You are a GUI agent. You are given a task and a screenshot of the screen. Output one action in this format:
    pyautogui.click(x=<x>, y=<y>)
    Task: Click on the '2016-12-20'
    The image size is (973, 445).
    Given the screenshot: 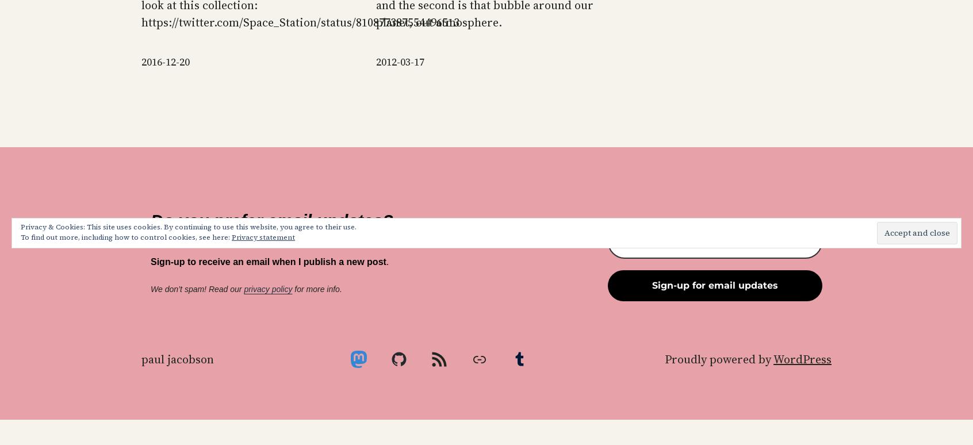 What is the action you would take?
    pyautogui.click(x=164, y=62)
    